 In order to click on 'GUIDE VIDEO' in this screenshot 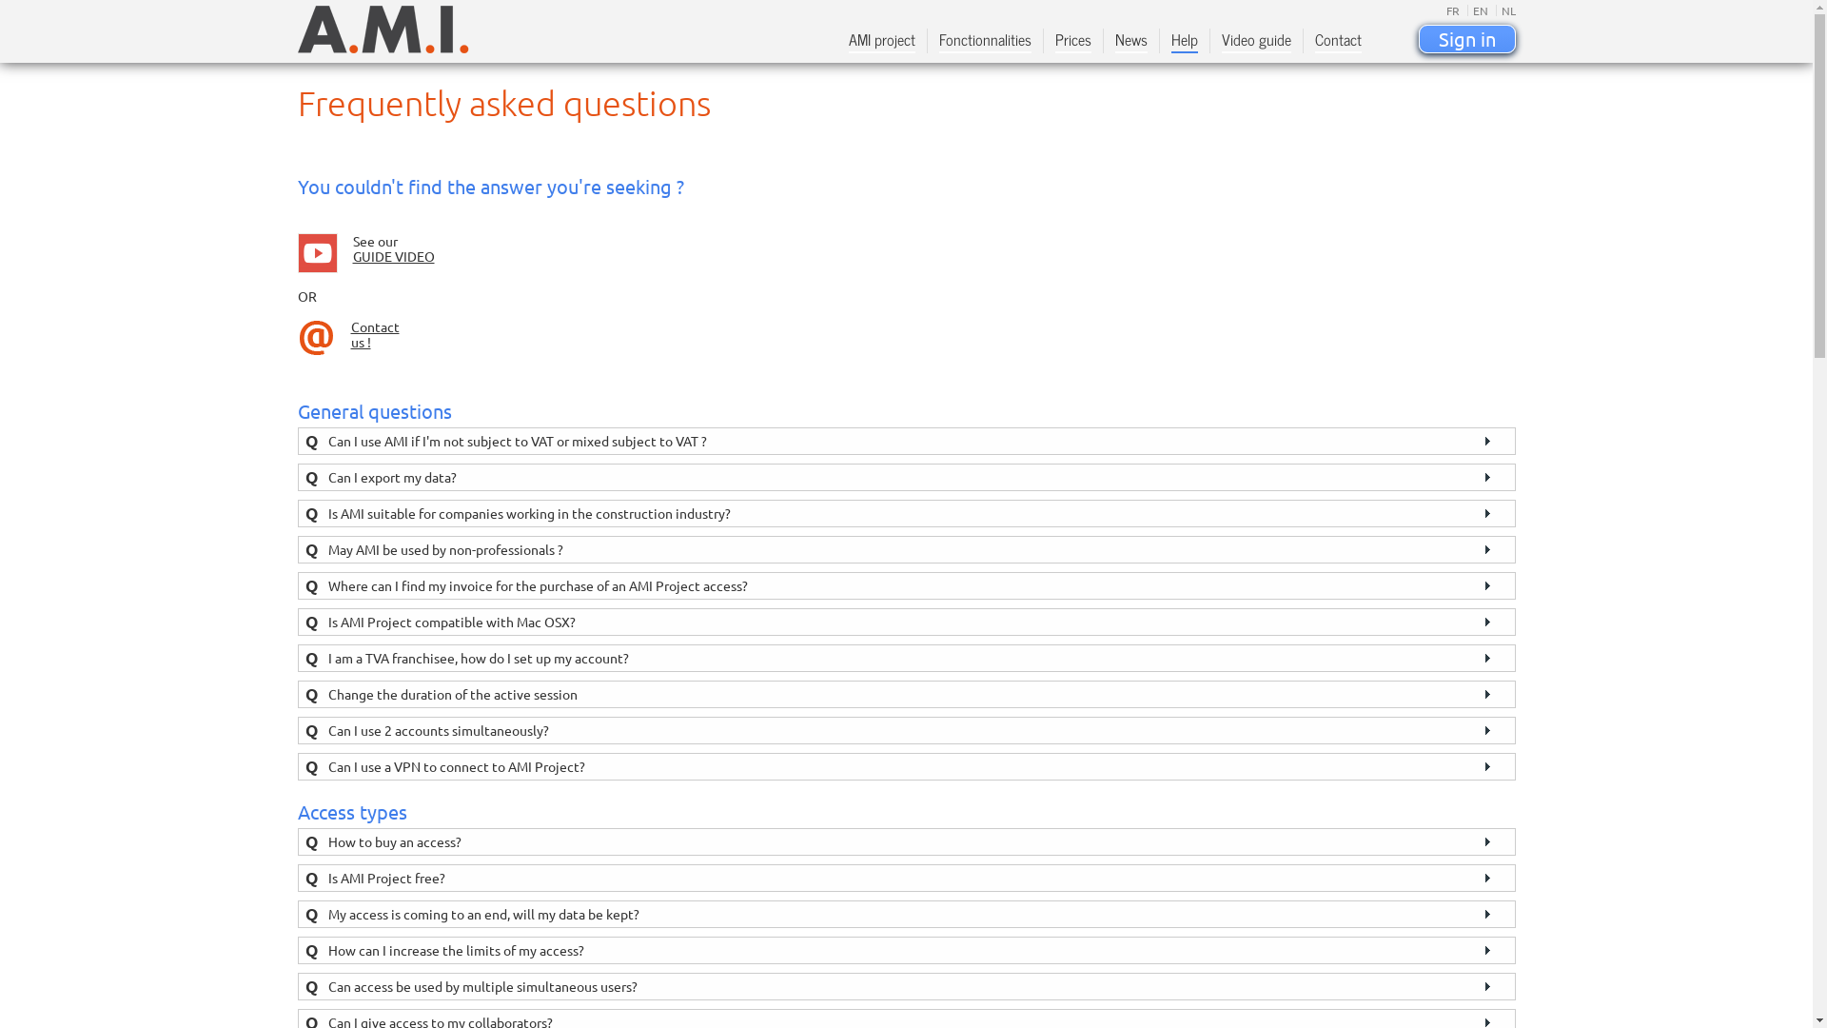, I will do `click(391, 255)`.